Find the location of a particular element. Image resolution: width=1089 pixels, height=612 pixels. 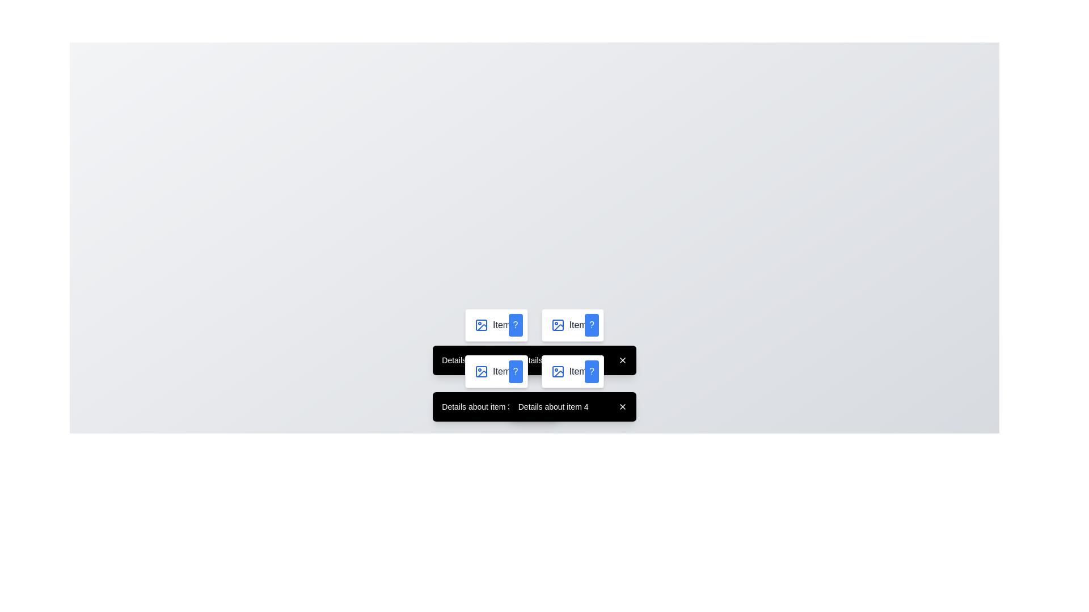

the SVG graphical element representing an image placeholder to trigger a tooltip is located at coordinates (482, 371).